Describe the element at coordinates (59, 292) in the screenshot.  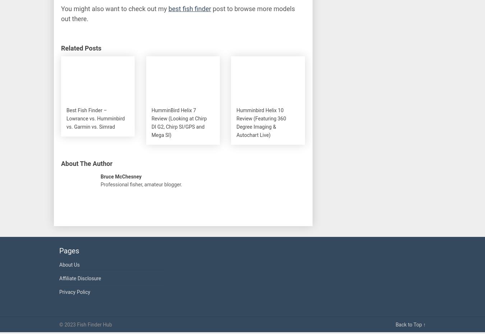
I see `'Privacy Policy'` at that location.